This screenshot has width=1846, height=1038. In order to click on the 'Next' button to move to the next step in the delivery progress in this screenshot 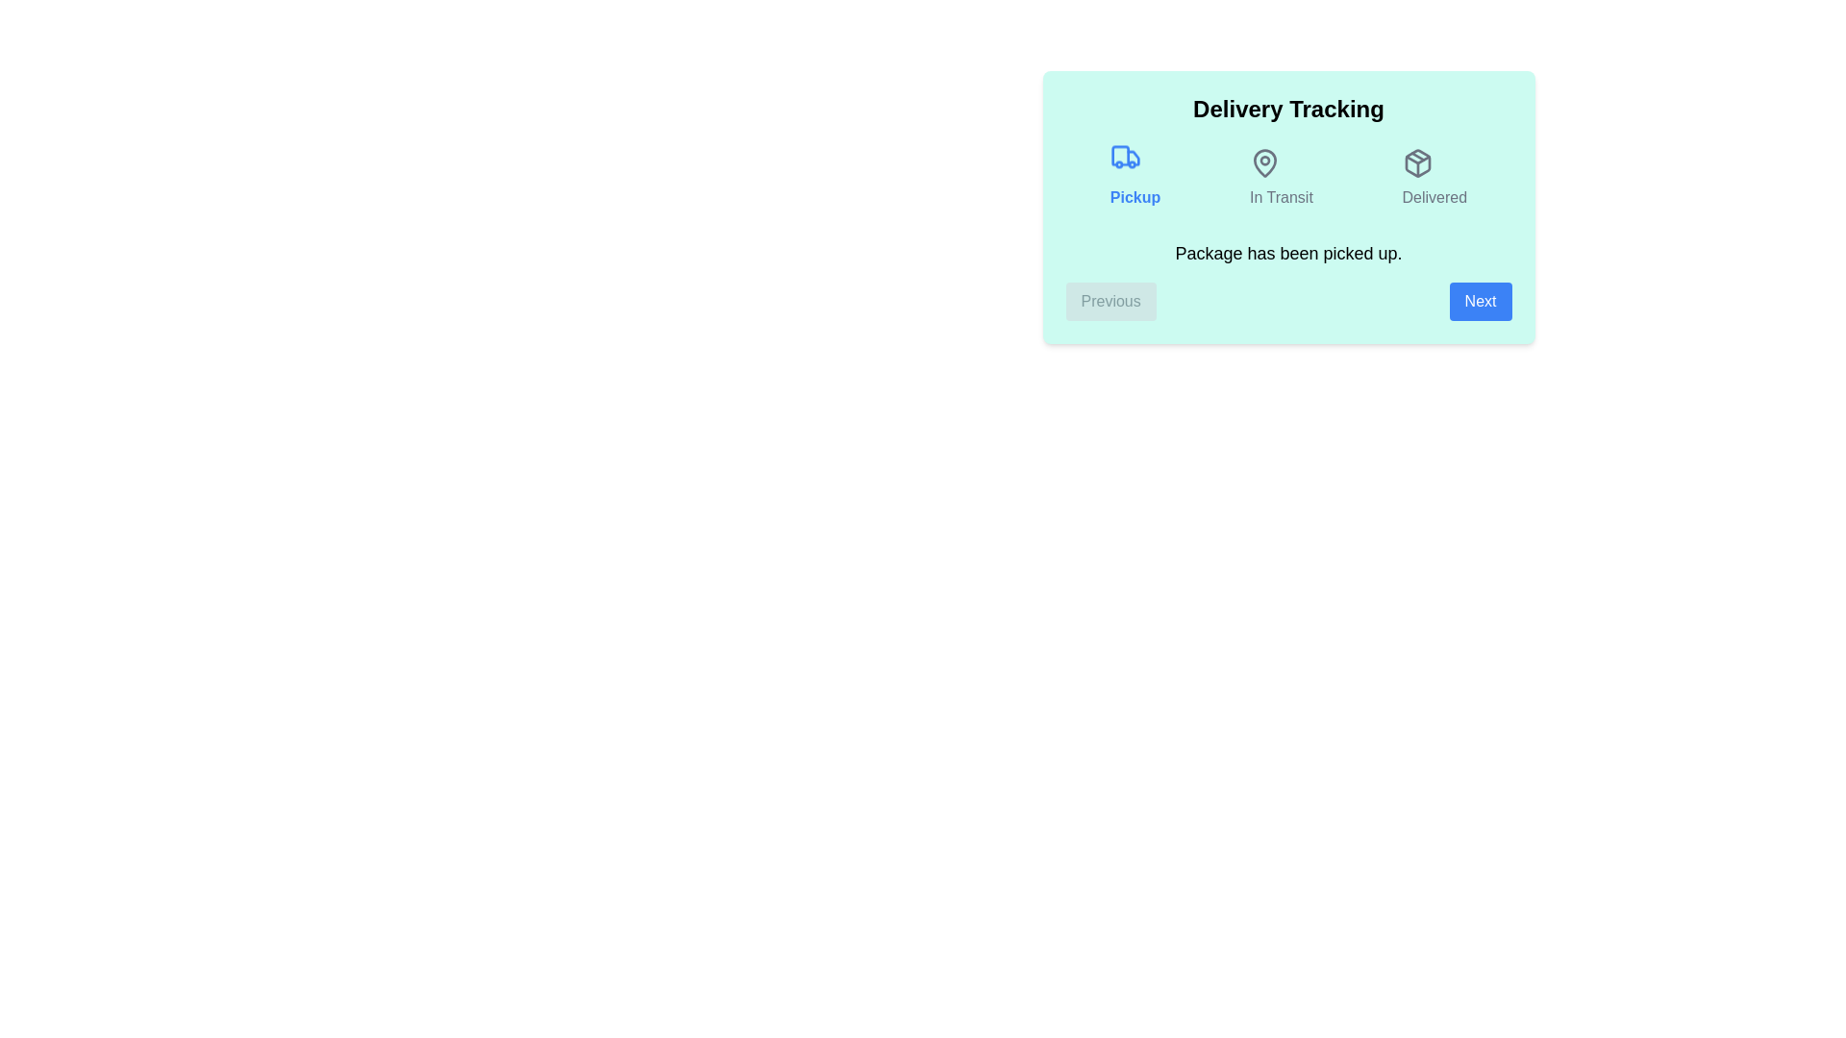, I will do `click(1480, 301)`.